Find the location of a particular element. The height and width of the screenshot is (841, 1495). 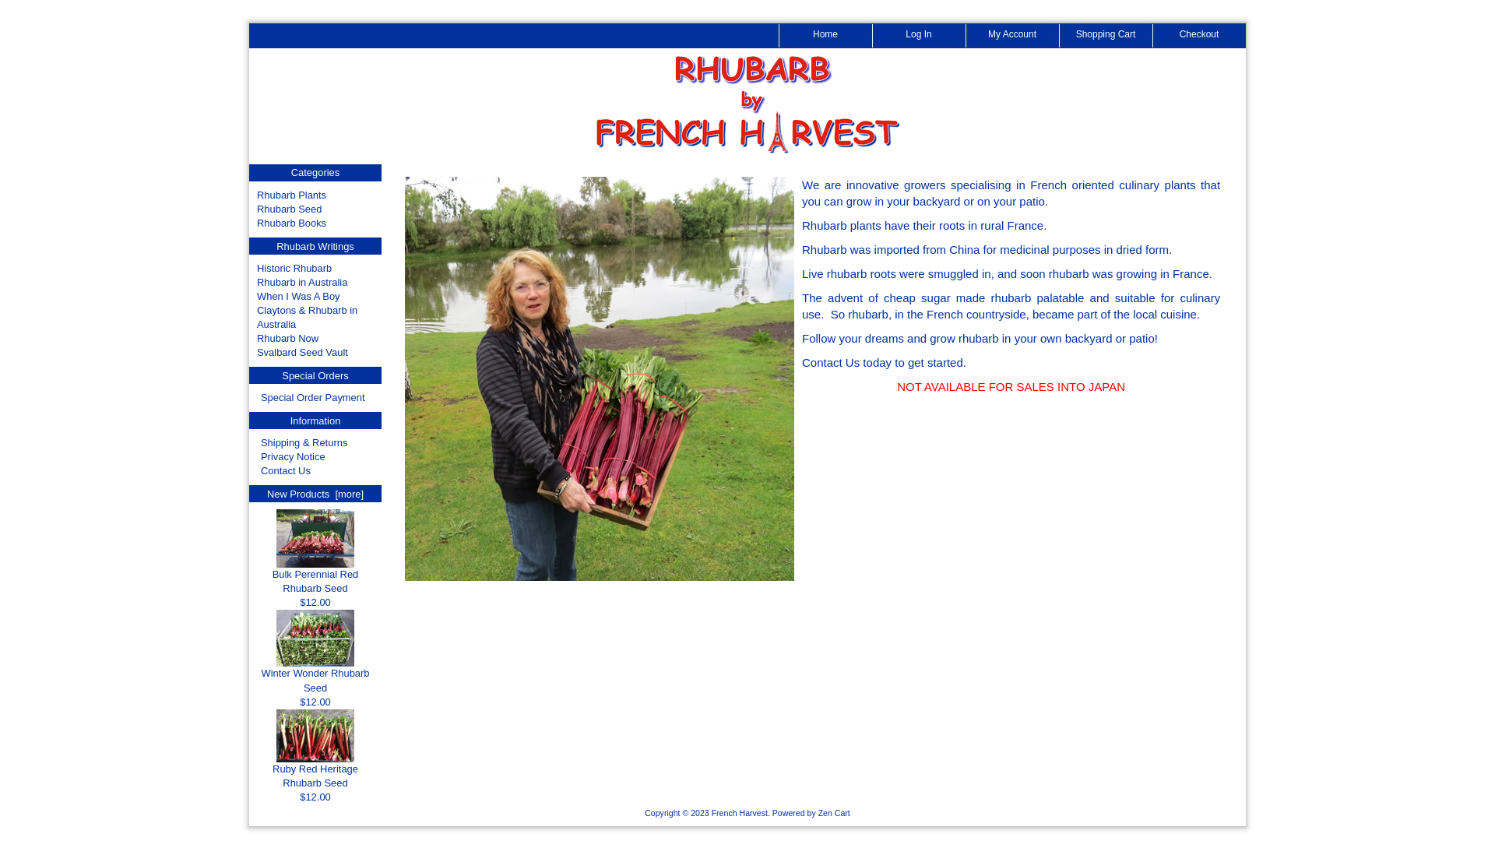

'Rhubarb Seed' is located at coordinates (257, 208).